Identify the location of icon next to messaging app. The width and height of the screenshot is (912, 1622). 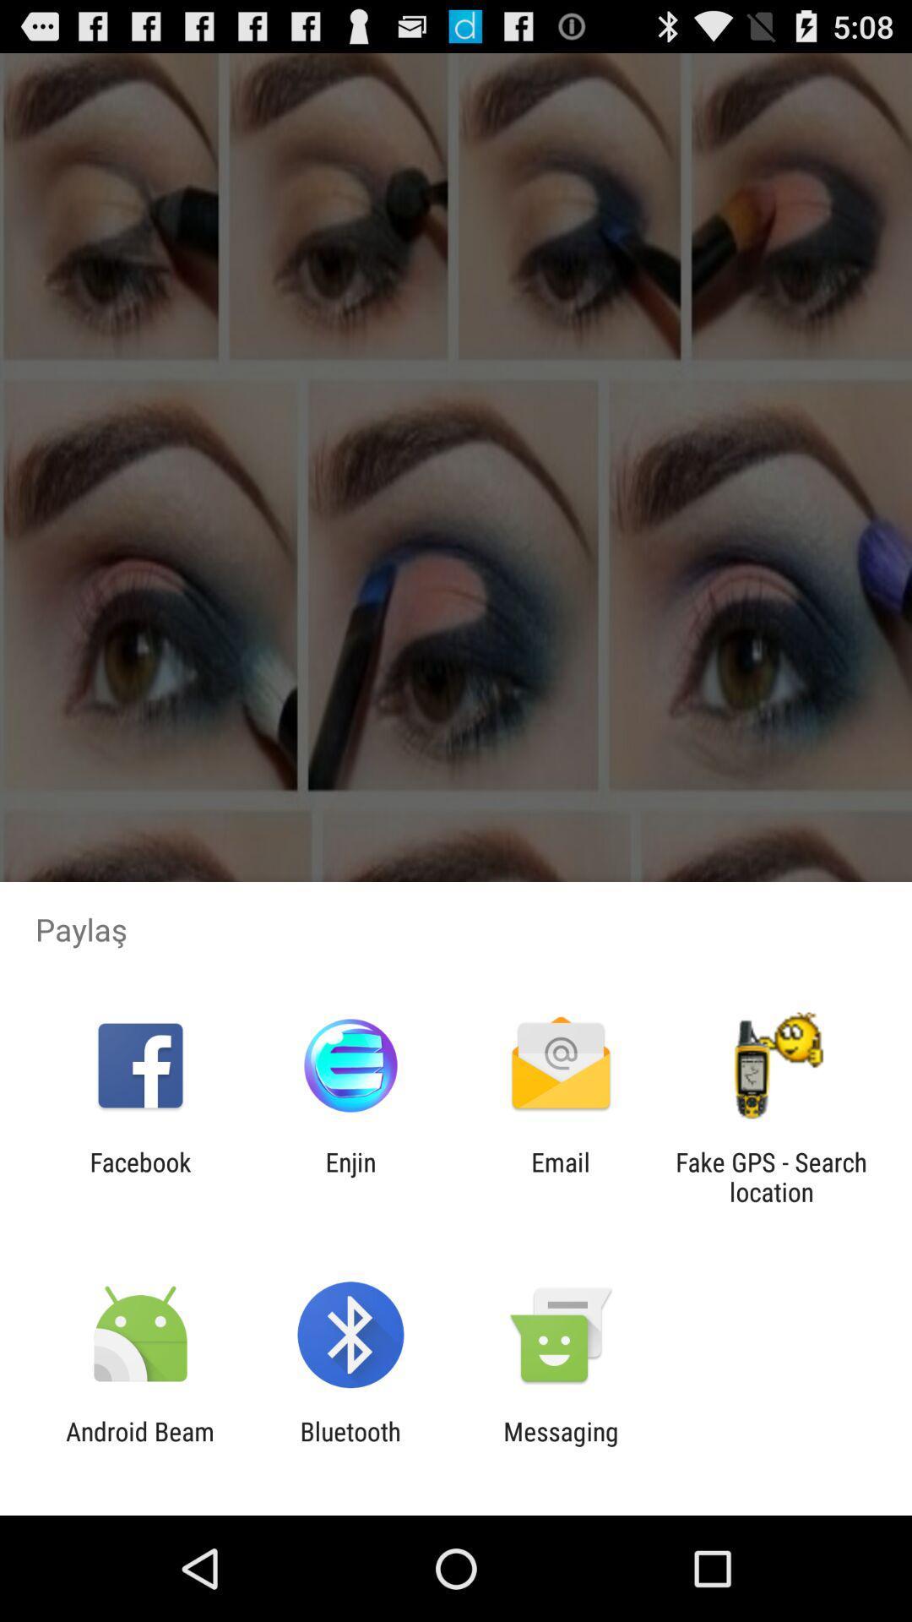
(350, 1445).